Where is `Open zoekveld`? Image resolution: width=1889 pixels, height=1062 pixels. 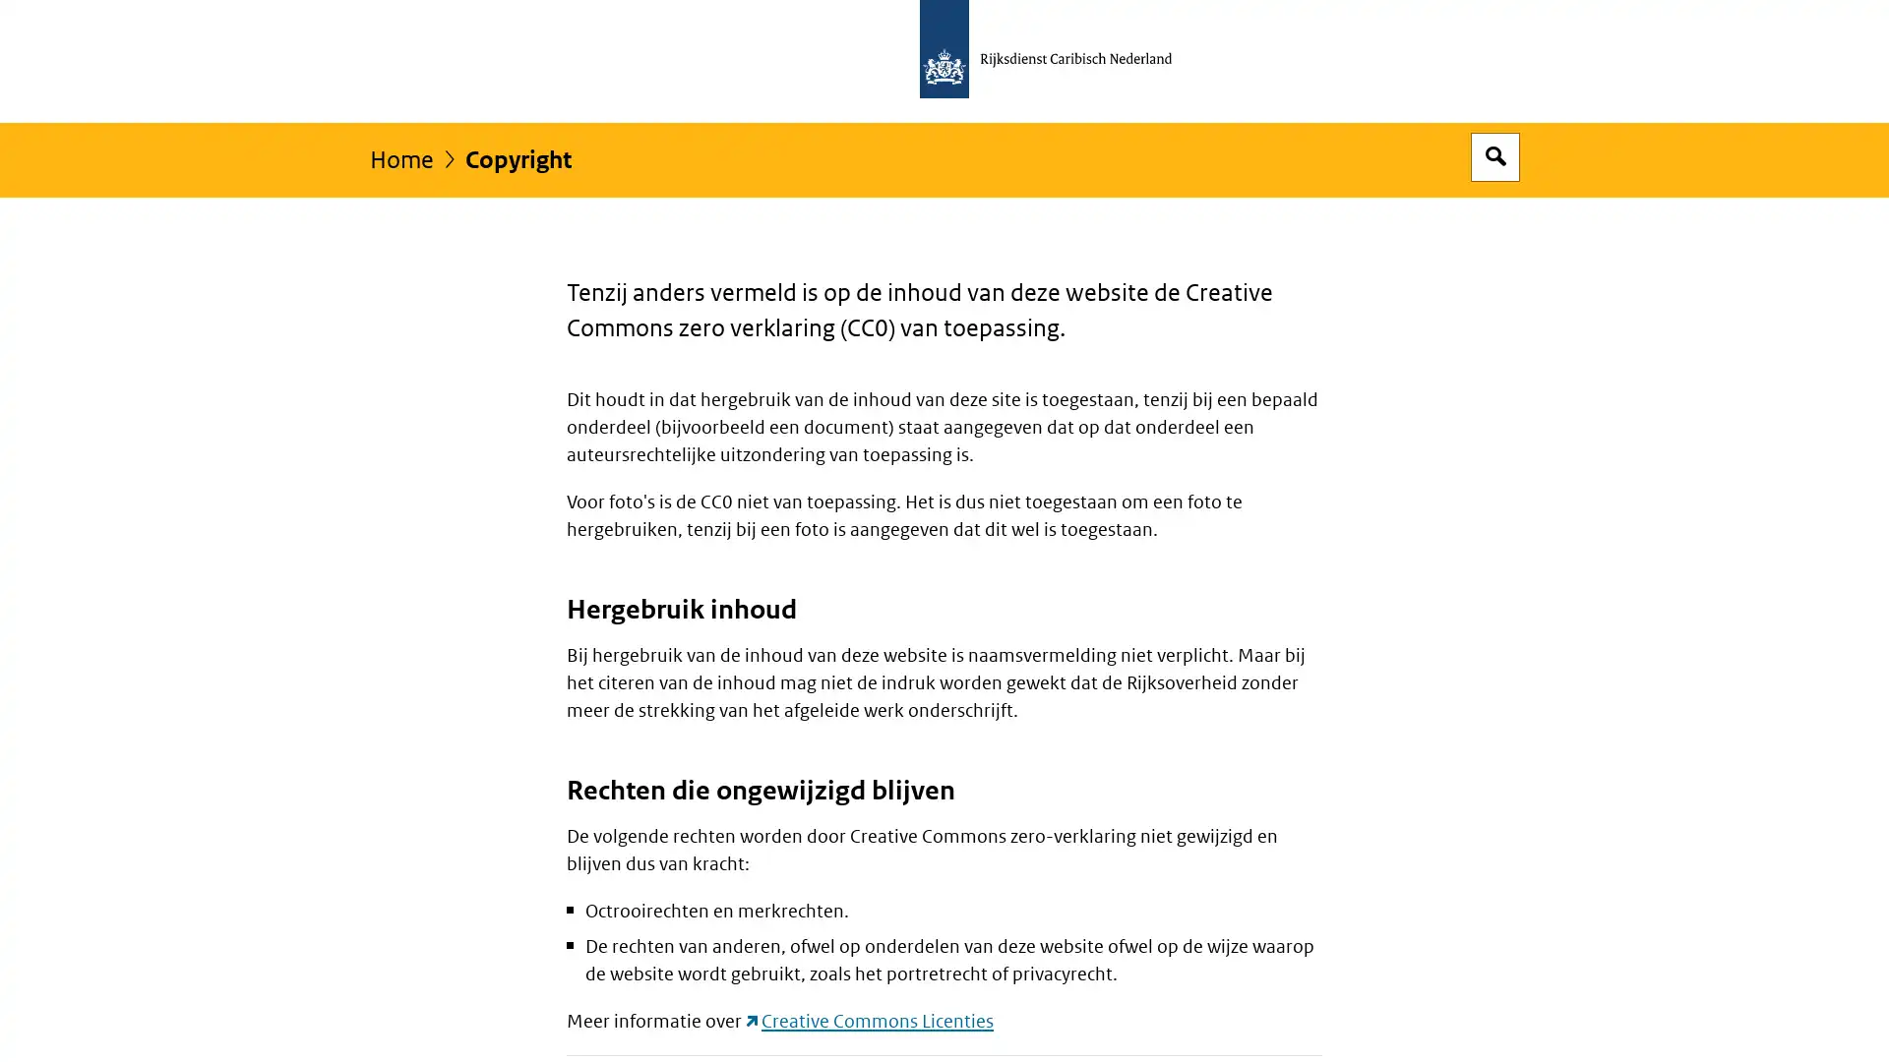 Open zoekveld is located at coordinates (1495, 155).